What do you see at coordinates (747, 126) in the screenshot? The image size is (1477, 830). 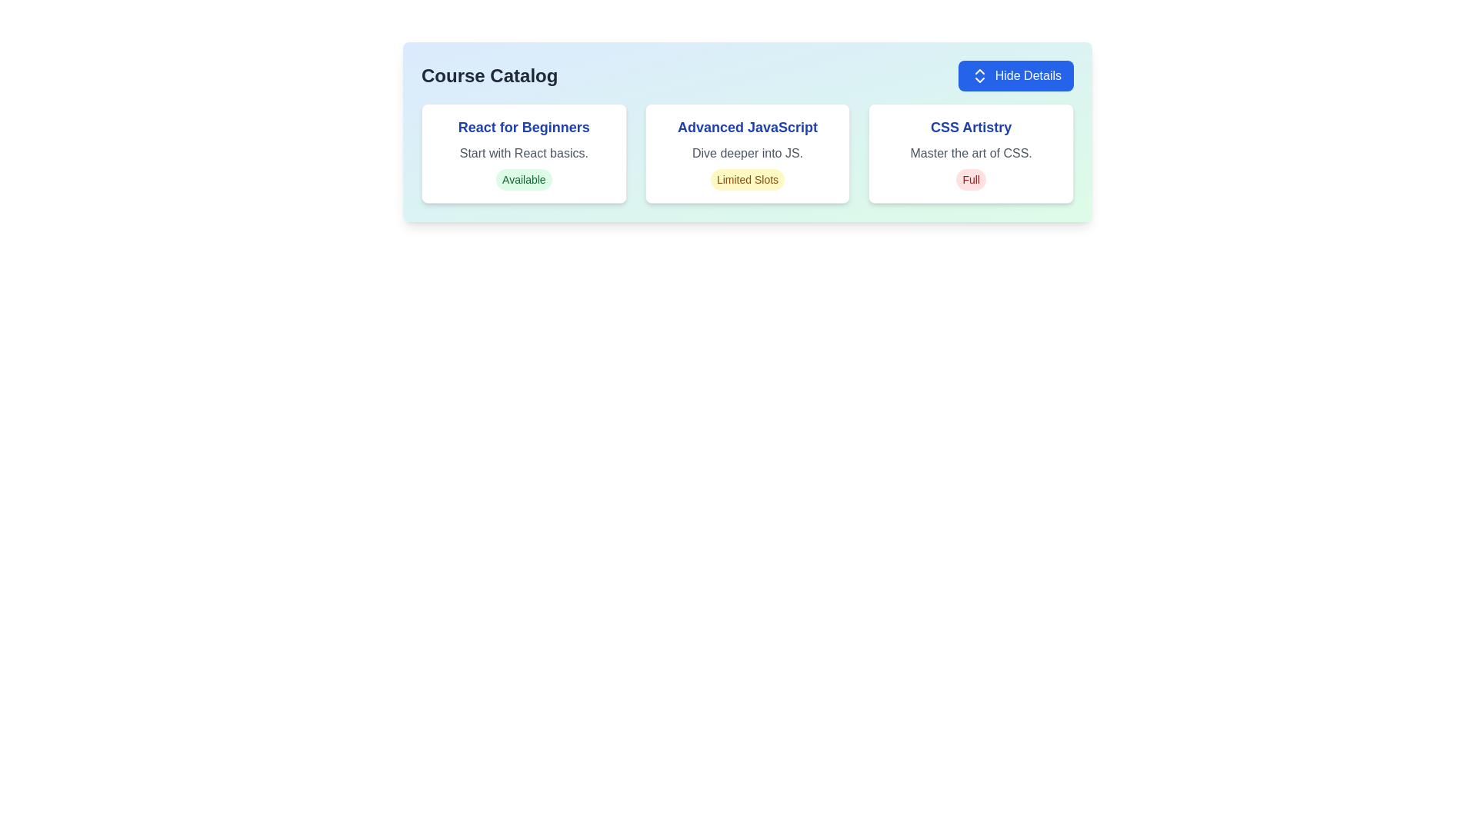 I see `text label that serves as the title of the course, positioned above the text 'Dive deeper into JS.' and the 'Limited Slots' badge in the middle card of three horizontally aligned cards` at bounding box center [747, 126].